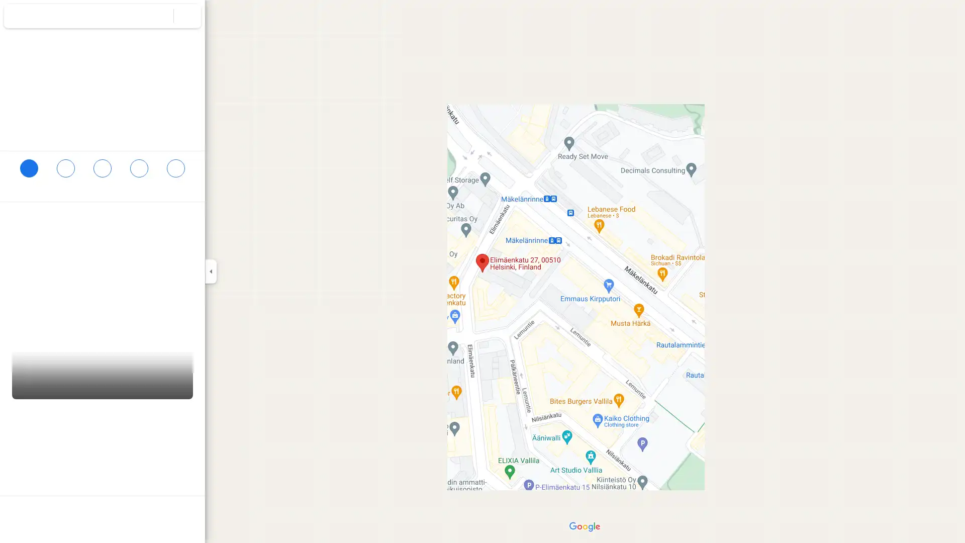 The height and width of the screenshot is (543, 965). What do you see at coordinates (65, 172) in the screenshot?
I see `Save Elimaenkatu 27 in your lists` at bounding box center [65, 172].